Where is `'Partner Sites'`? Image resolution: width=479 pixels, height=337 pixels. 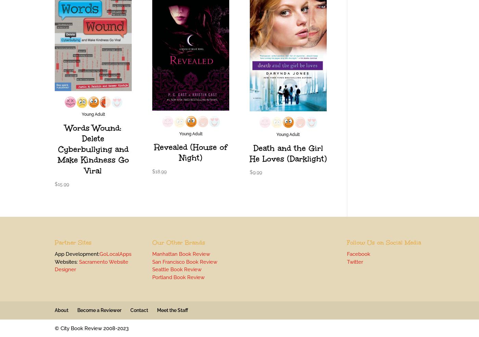
'Partner Sites' is located at coordinates (73, 242).